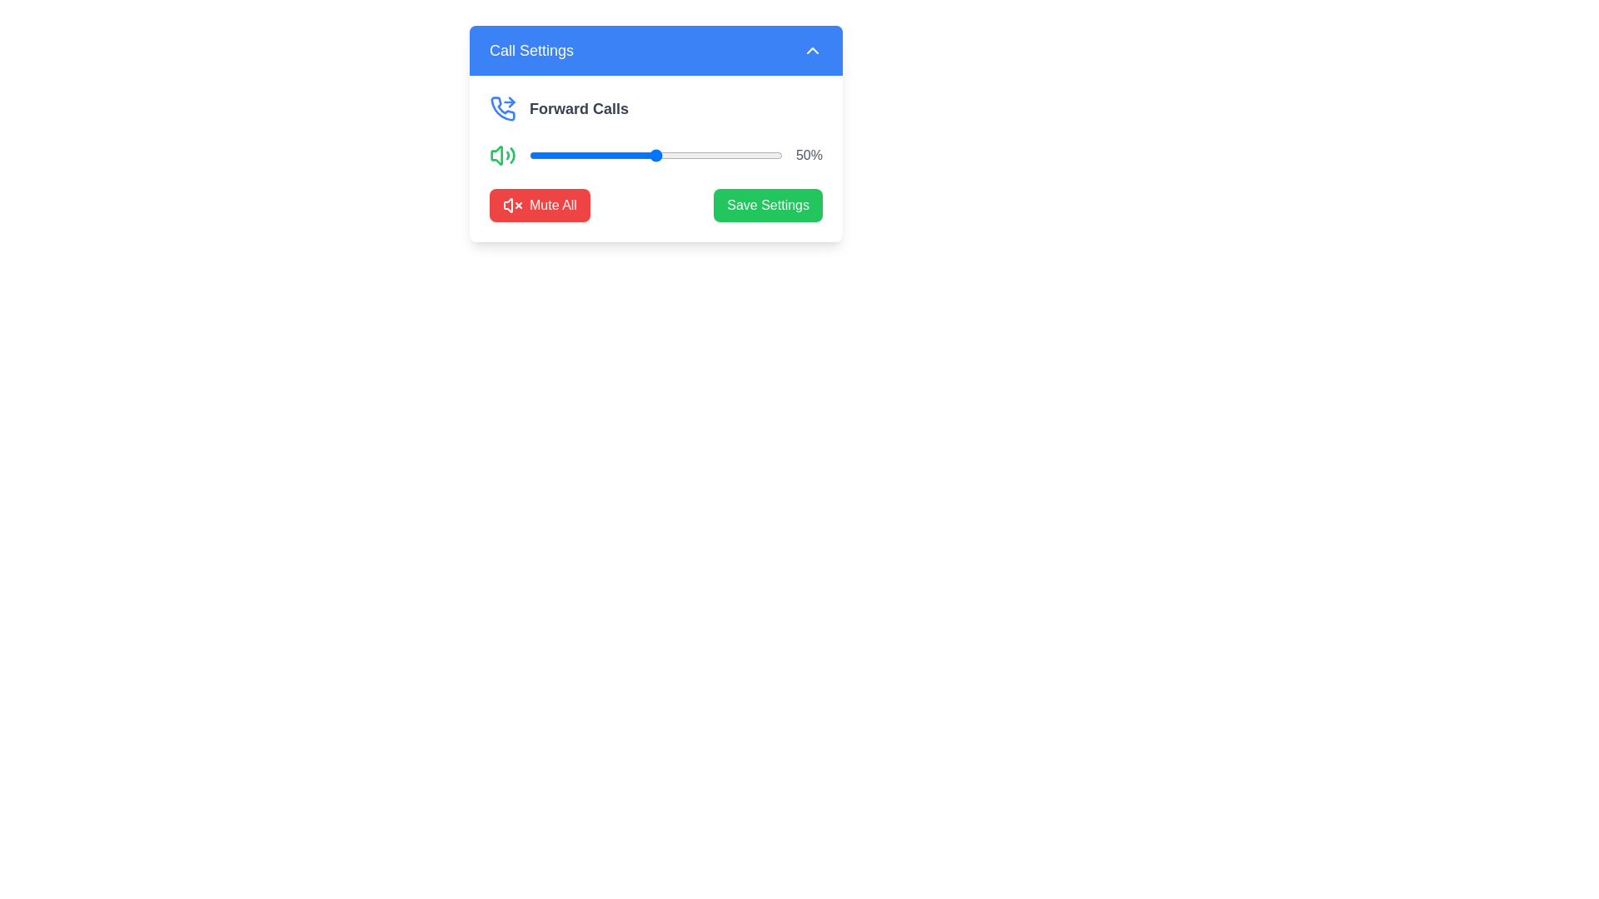 The image size is (1599, 899). What do you see at coordinates (652, 155) in the screenshot?
I see `the slider` at bounding box center [652, 155].